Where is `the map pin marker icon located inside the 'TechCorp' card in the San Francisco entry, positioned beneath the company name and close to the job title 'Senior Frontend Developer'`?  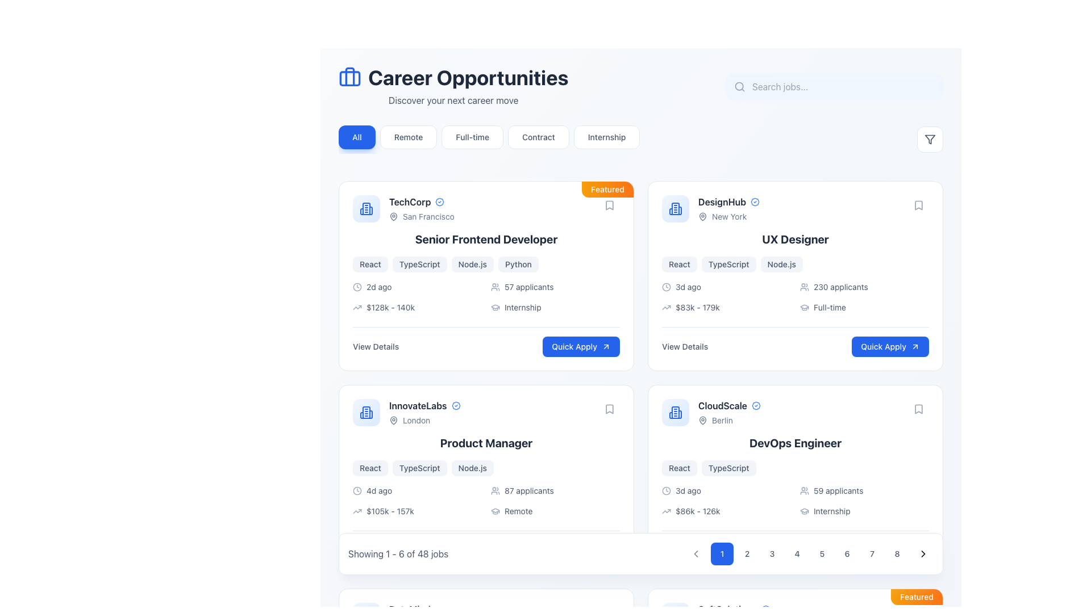
the map pin marker icon located inside the 'TechCorp' card in the San Francisco entry, positioned beneath the company name and close to the job title 'Senior Frontend Developer' is located at coordinates (393, 216).